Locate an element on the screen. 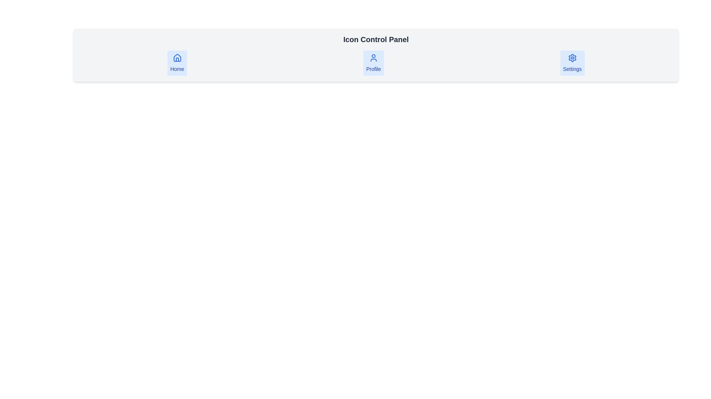  the house icon located in the leftmost position of the horizontal navigation bar is located at coordinates (177, 58).